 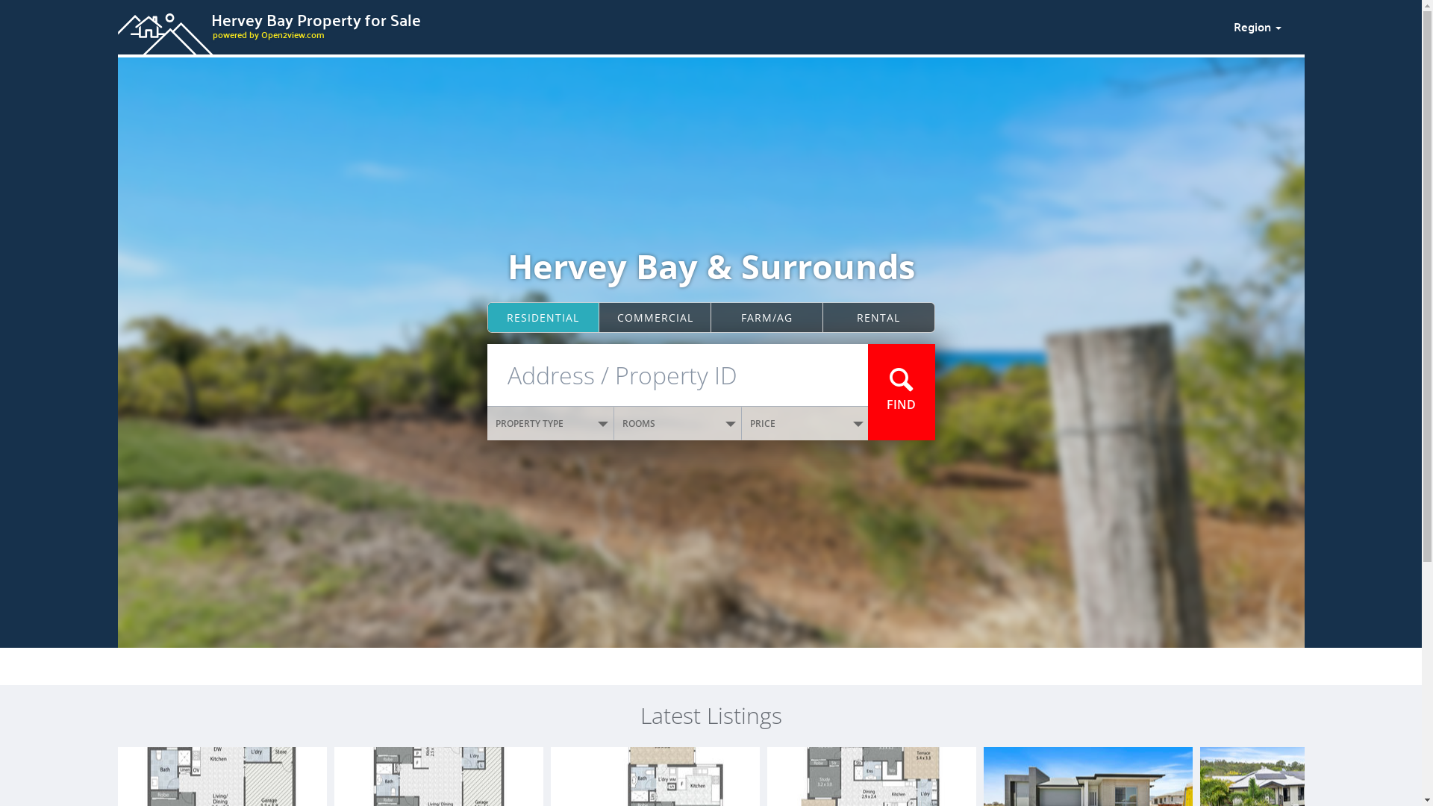 I want to click on 'PROPERTY TYPE', so click(x=549, y=423).